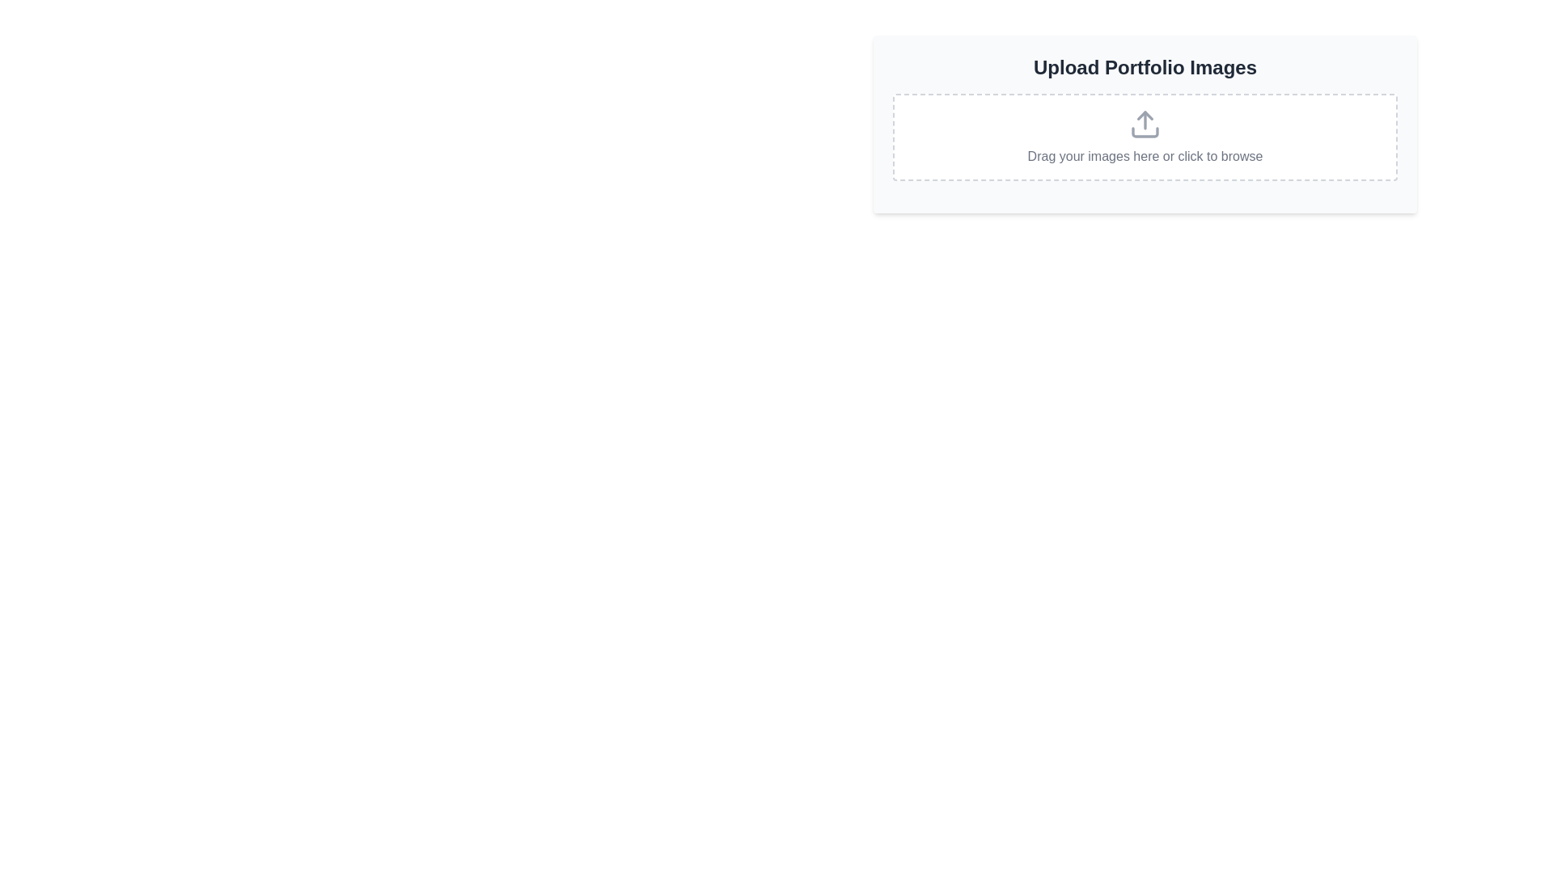 The image size is (1553, 873). Describe the element at coordinates (1145, 136) in the screenshot. I see `and drop files onto the File upload area, which is a dashed rectangular box with a centered upload icon and the text 'Drag your images here or click` at that location.